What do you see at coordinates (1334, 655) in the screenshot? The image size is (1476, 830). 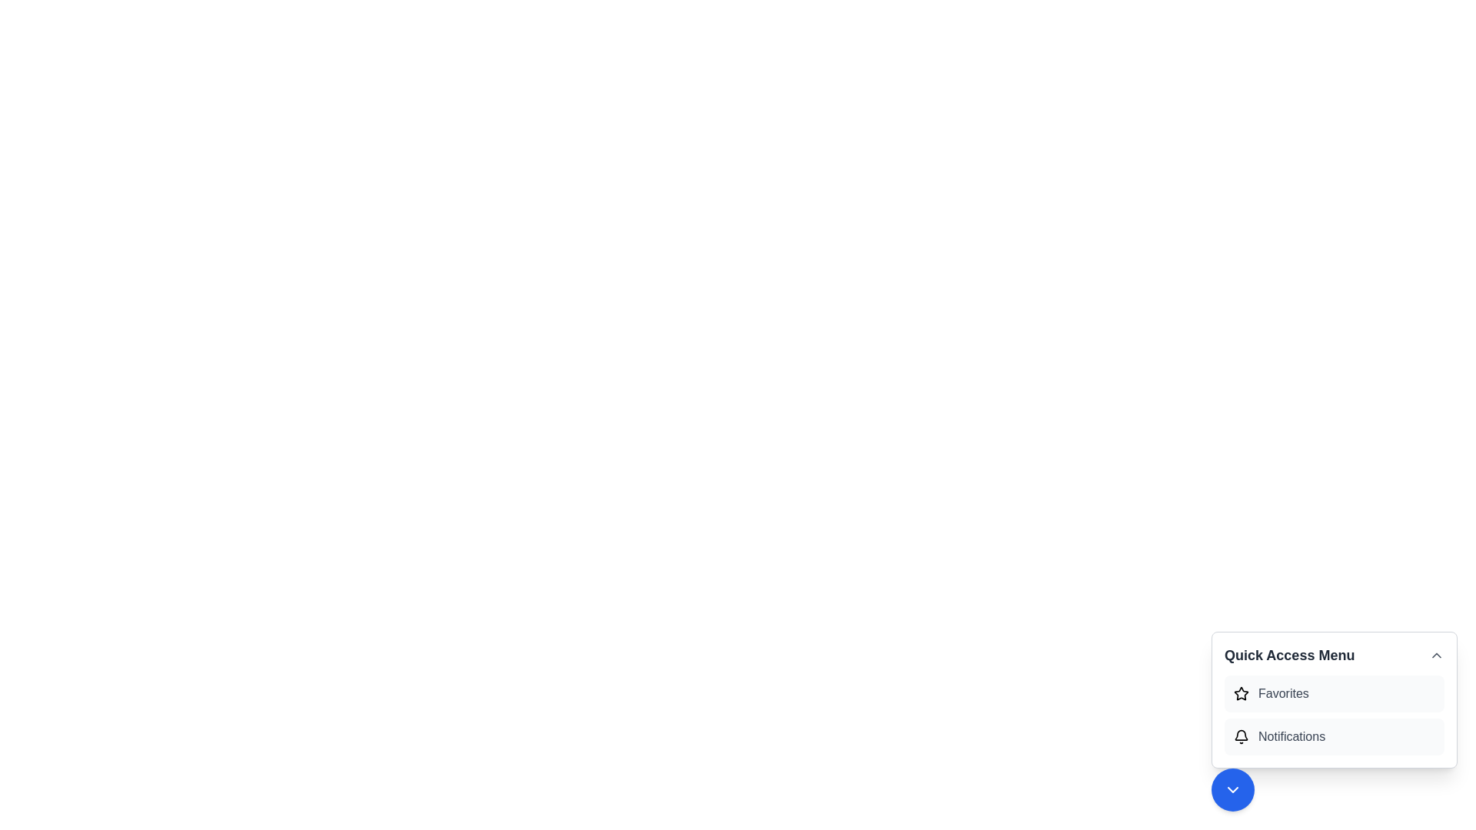 I see `the 'Quick Access Menu' dropdown header, which features a bold font and a dropdown arrow icon` at bounding box center [1334, 655].